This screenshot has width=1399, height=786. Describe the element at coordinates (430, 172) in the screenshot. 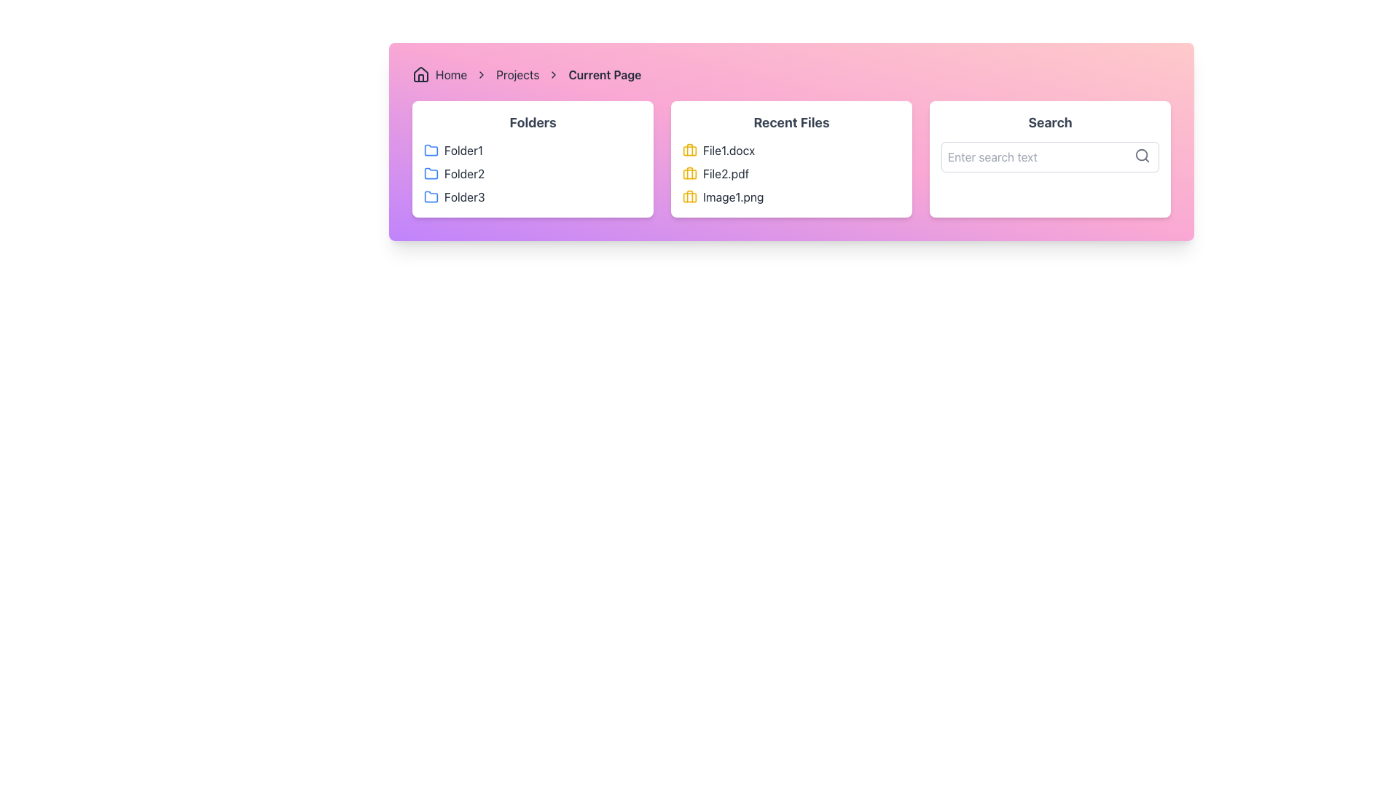

I see `the folder icon with a blue outline representing the second folder in the list under the 'Folders' section` at that location.